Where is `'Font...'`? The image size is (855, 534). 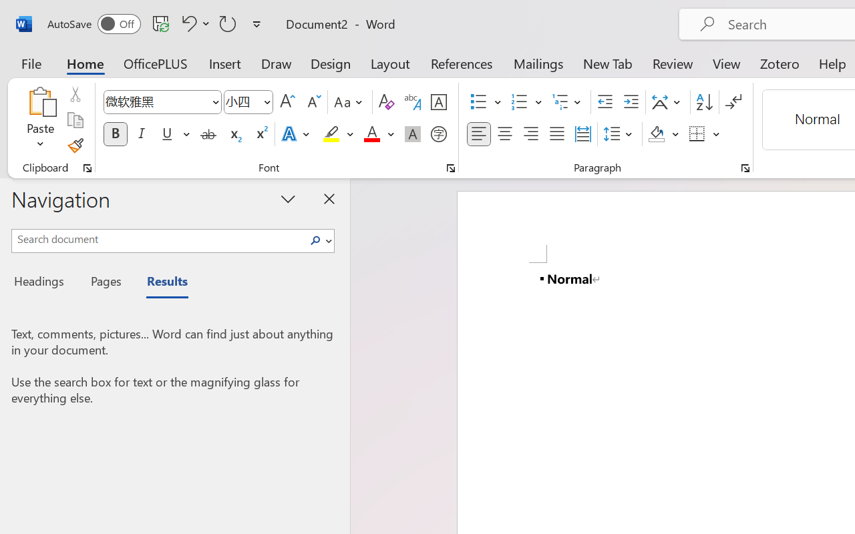
'Font...' is located at coordinates (451, 168).